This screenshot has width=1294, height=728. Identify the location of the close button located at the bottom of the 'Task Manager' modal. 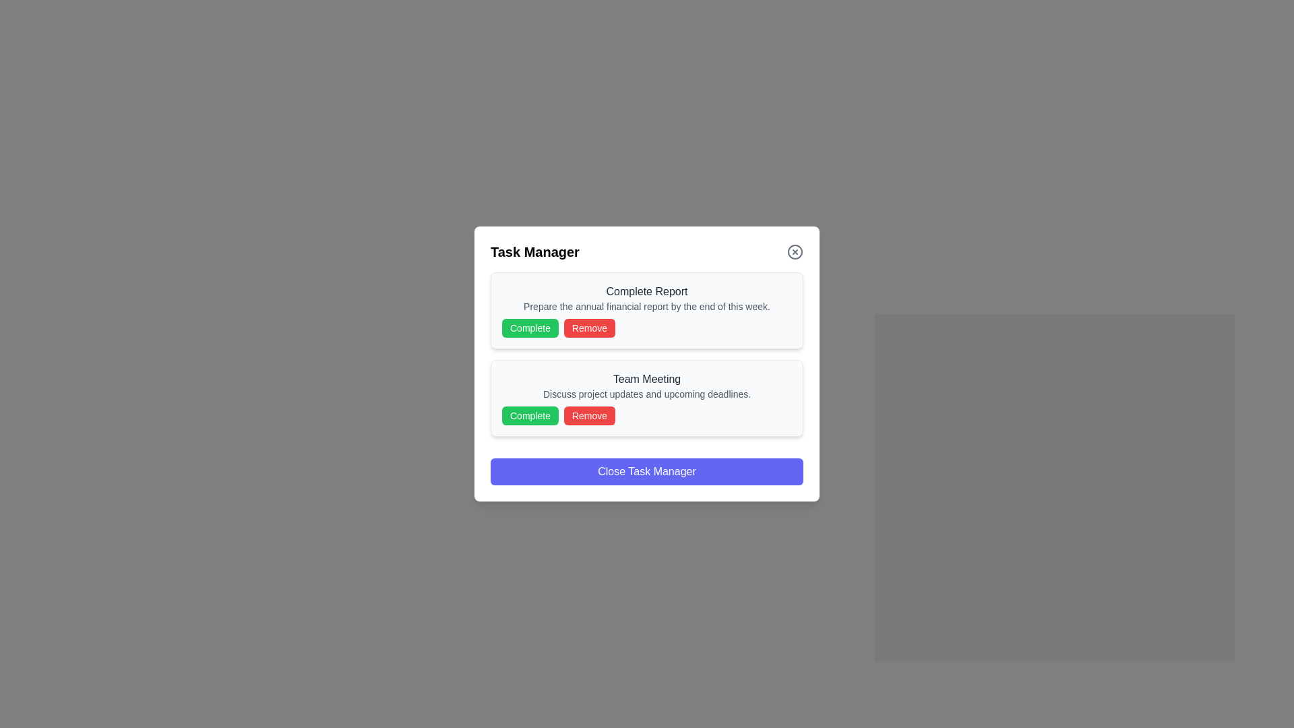
(647, 471).